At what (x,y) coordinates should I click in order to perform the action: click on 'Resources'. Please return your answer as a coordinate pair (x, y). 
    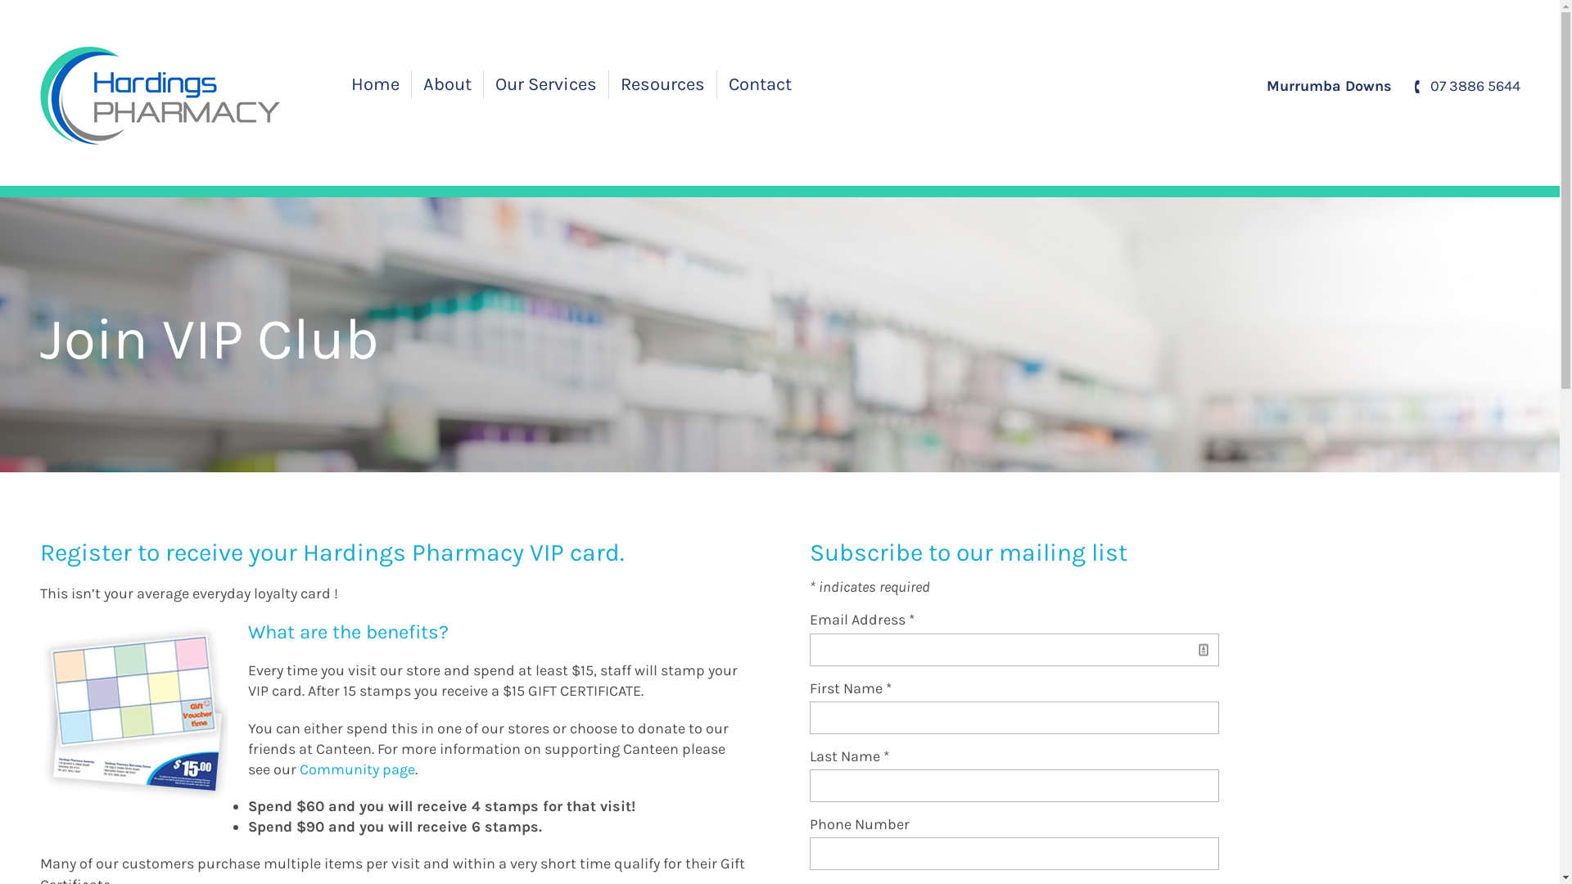
    Looking at the image, I should click on (662, 84).